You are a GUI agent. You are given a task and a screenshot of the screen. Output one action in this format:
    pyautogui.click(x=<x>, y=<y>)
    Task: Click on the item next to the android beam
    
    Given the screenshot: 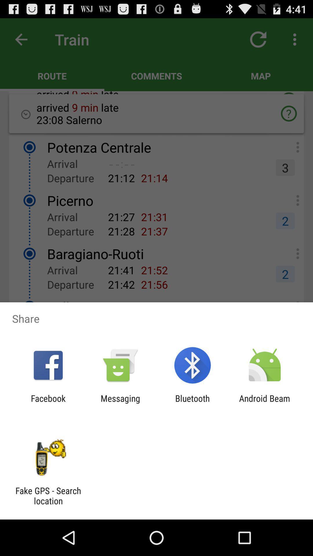 What is the action you would take?
    pyautogui.click(x=192, y=403)
    